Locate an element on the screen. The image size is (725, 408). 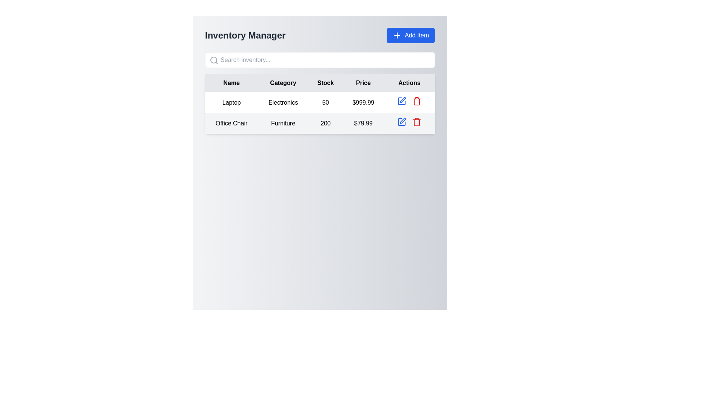
the edit icon for the 'Furniture' entry in the Actions column of the table is located at coordinates (401, 122).